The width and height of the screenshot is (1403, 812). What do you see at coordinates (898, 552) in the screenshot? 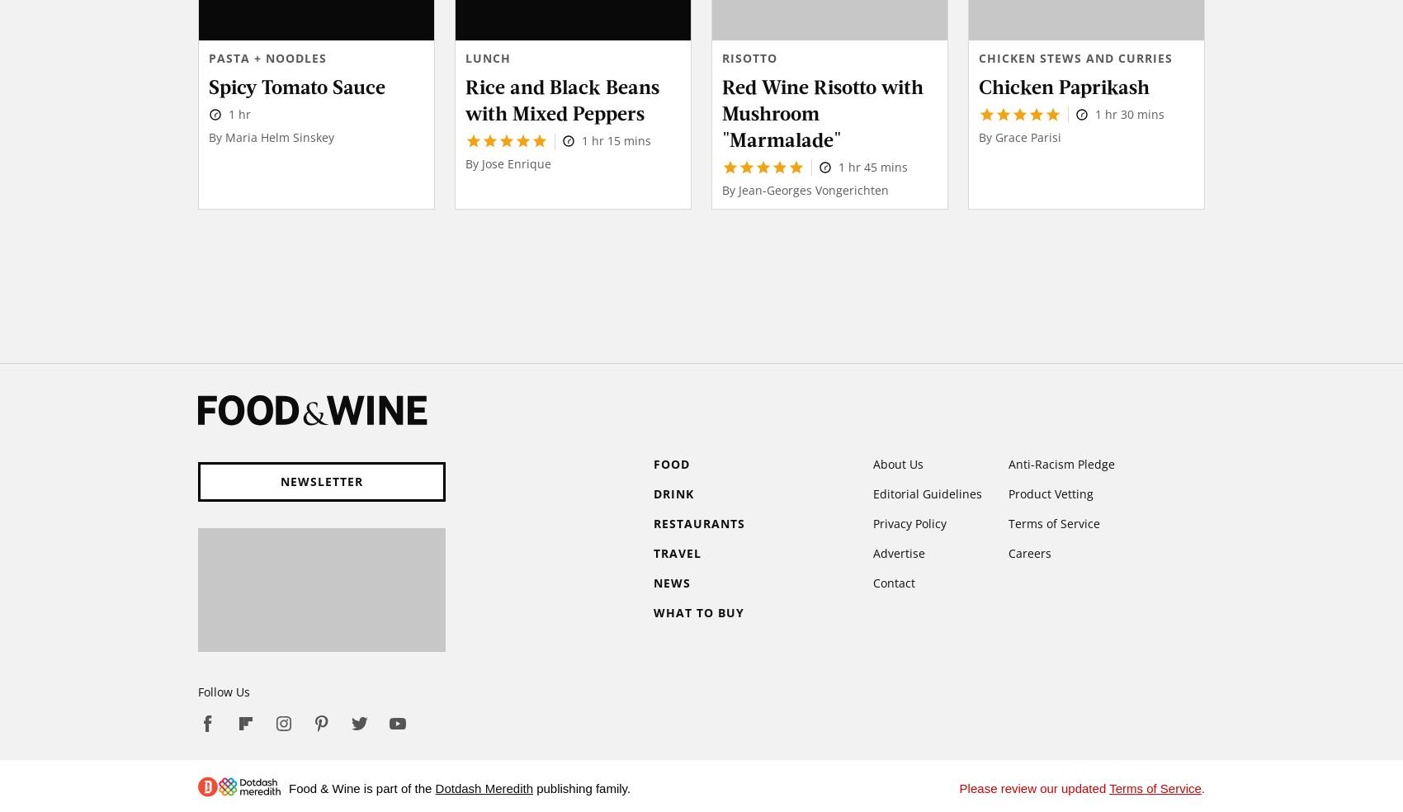
I see `'Advertise'` at bounding box center [898, 552].